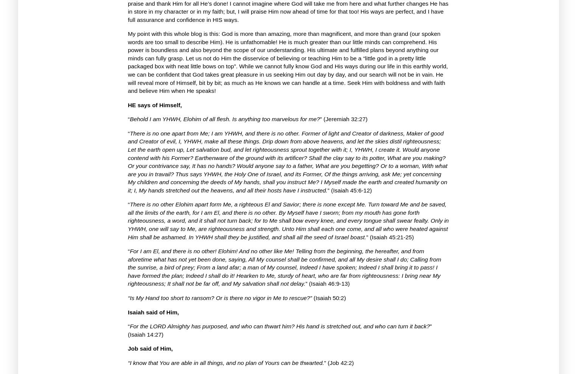 This screenshot has height=374, width=578. What do you see at coordinates (236, 275) in the screenshot?
I see `'Hearken to Me, sturdy of heart, who are far from righteousness:'` at bounding box center [236, 275].